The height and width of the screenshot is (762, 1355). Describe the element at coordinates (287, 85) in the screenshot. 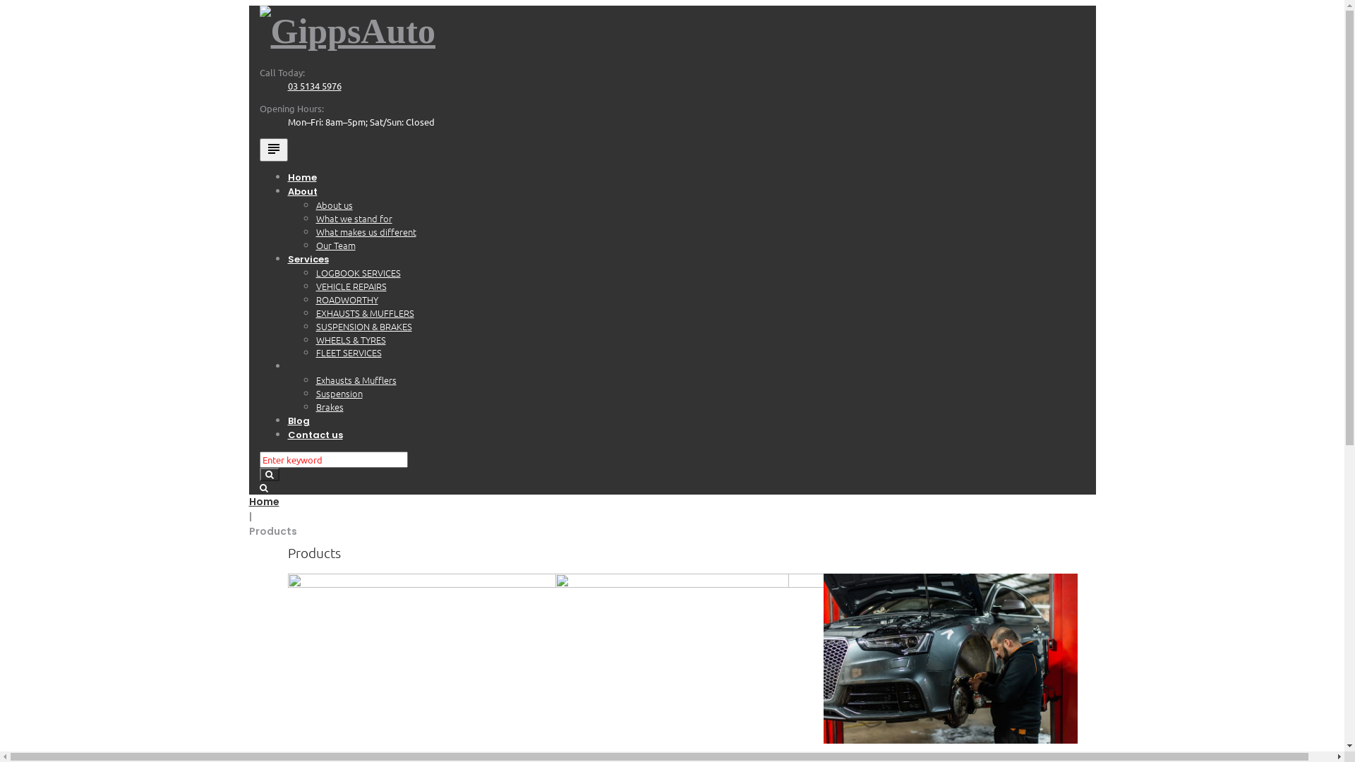

I see `'03 5134 5976'` at that location.